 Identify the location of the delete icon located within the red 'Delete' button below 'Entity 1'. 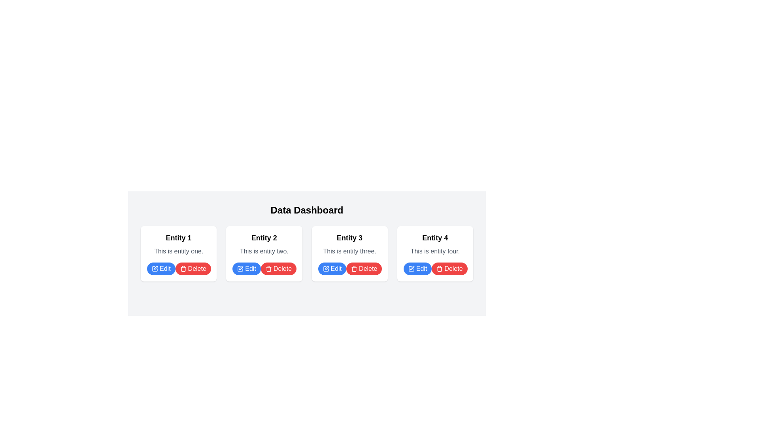
(268, 268).